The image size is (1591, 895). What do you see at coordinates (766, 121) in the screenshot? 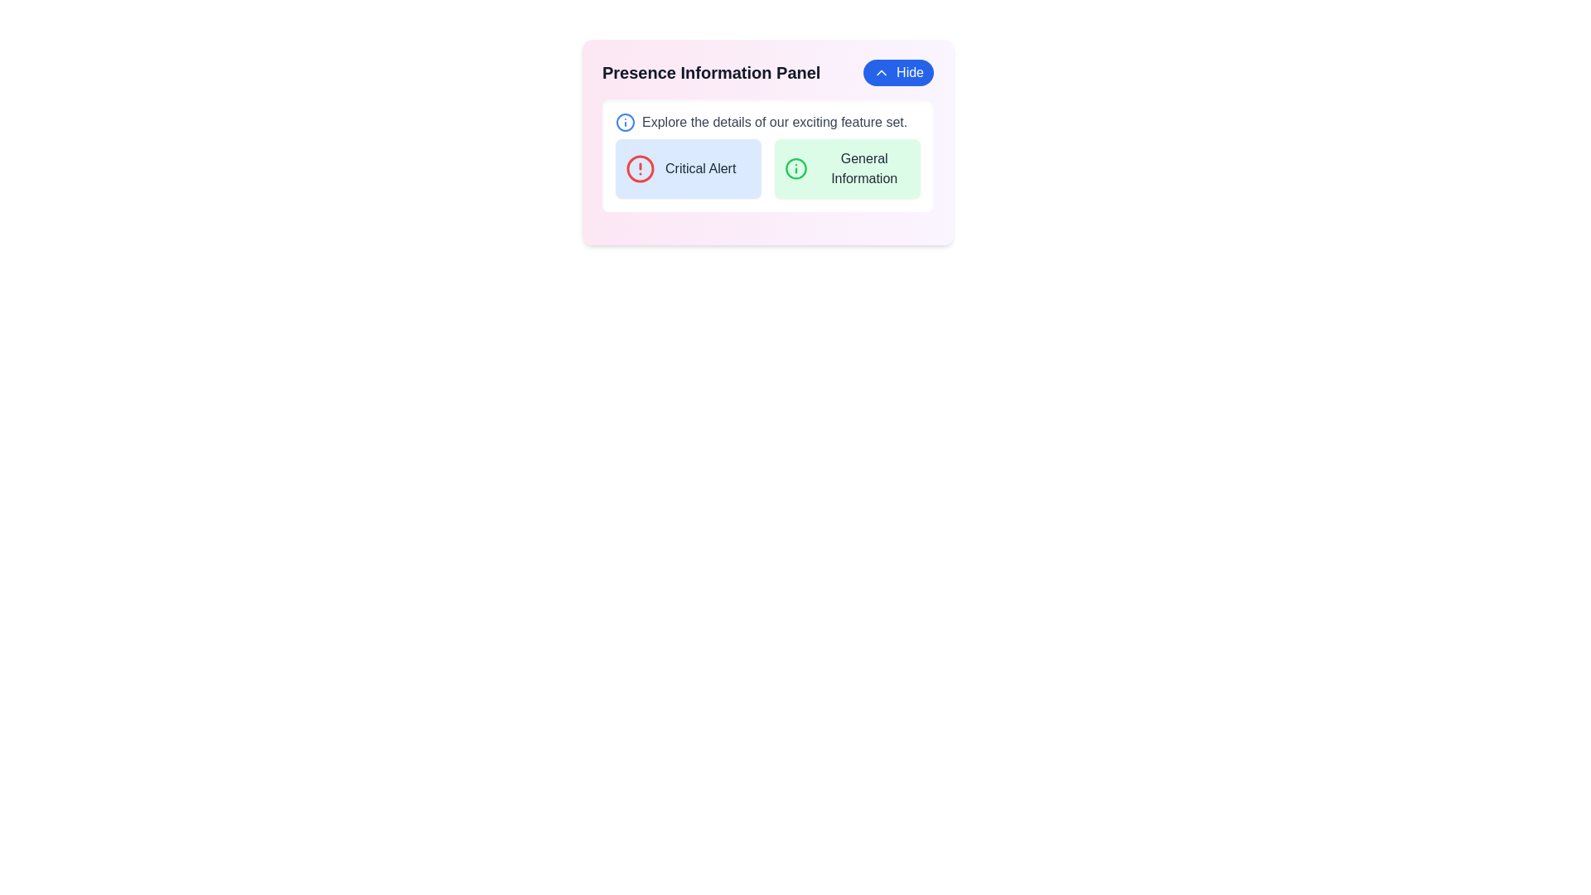
I see `the informational text with the icon that includes a blue outlined circular icon with an 'i' and the text 'Explore the details of our exciting feature set.'` at bounding box center [766, 121].